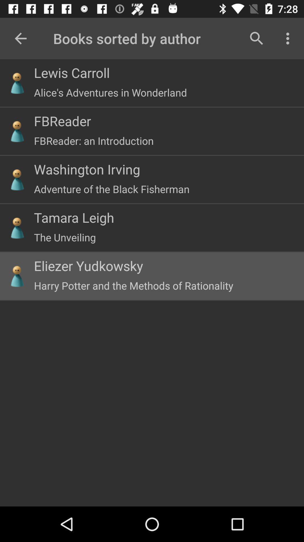  I want to click on item next to books sorted by item, so click(256, 38).